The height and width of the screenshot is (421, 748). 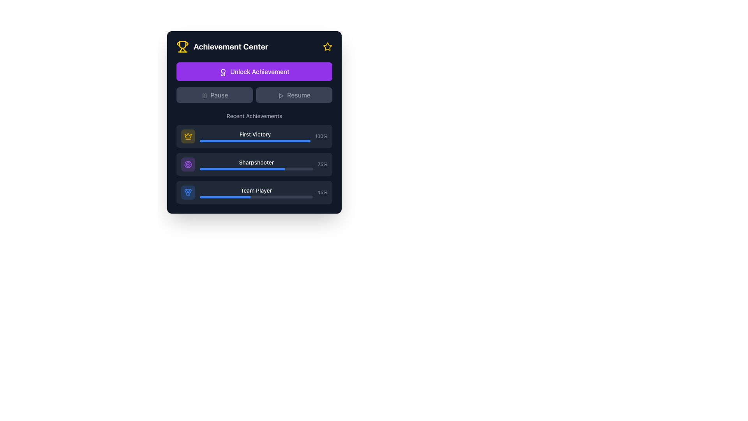 I want to click on the thin, horizontal blue progress bar representing the 'Team Player' achievement data, which is the colored portion of the third progress bar in the 'Recent Achievements' section, so click(x=225, y=196).